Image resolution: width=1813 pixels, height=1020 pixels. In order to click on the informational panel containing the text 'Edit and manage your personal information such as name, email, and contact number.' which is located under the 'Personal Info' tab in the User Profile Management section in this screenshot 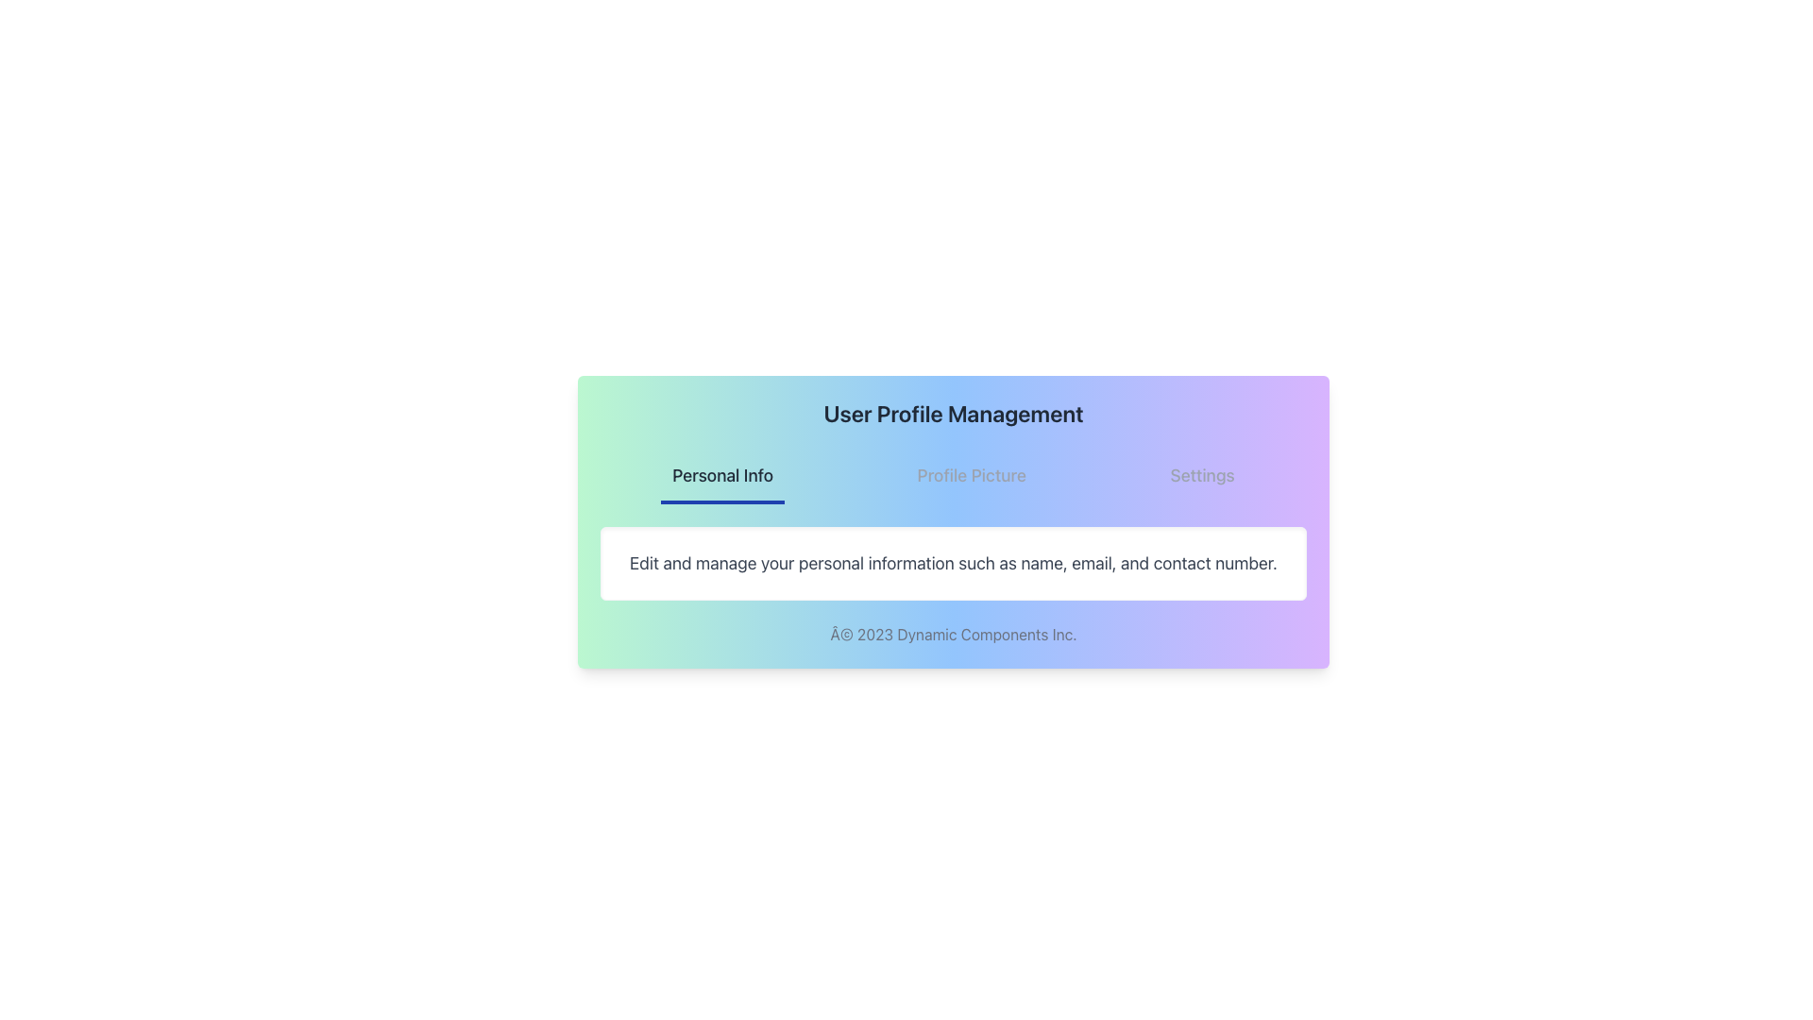, I will do `click(953, 563)`.